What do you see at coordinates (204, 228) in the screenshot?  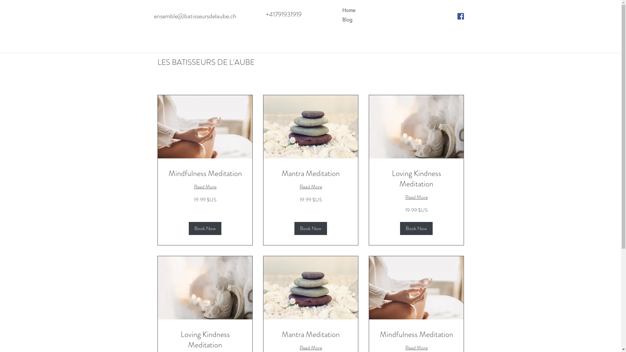 I see `'Book Now'` at bounding box center [204, 228].